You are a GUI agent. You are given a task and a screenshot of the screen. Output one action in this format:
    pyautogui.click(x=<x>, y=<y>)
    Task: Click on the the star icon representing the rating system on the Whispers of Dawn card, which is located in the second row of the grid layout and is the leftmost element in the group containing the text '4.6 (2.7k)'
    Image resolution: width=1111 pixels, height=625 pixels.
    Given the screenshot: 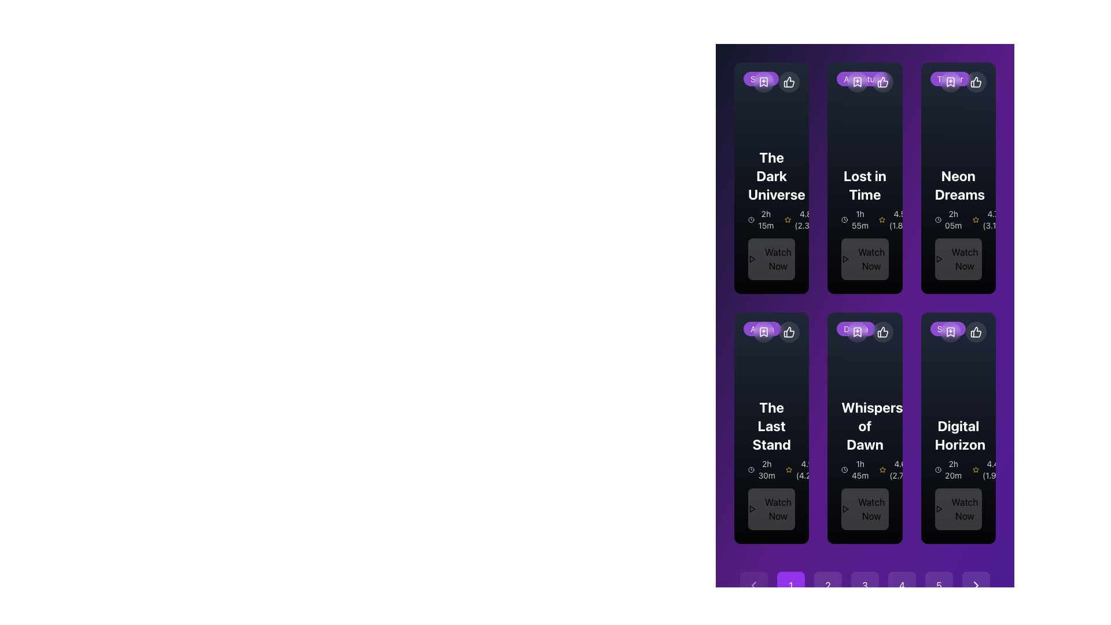 What is the action you would take?
    pyautogui.click(x=882, y=470)
    